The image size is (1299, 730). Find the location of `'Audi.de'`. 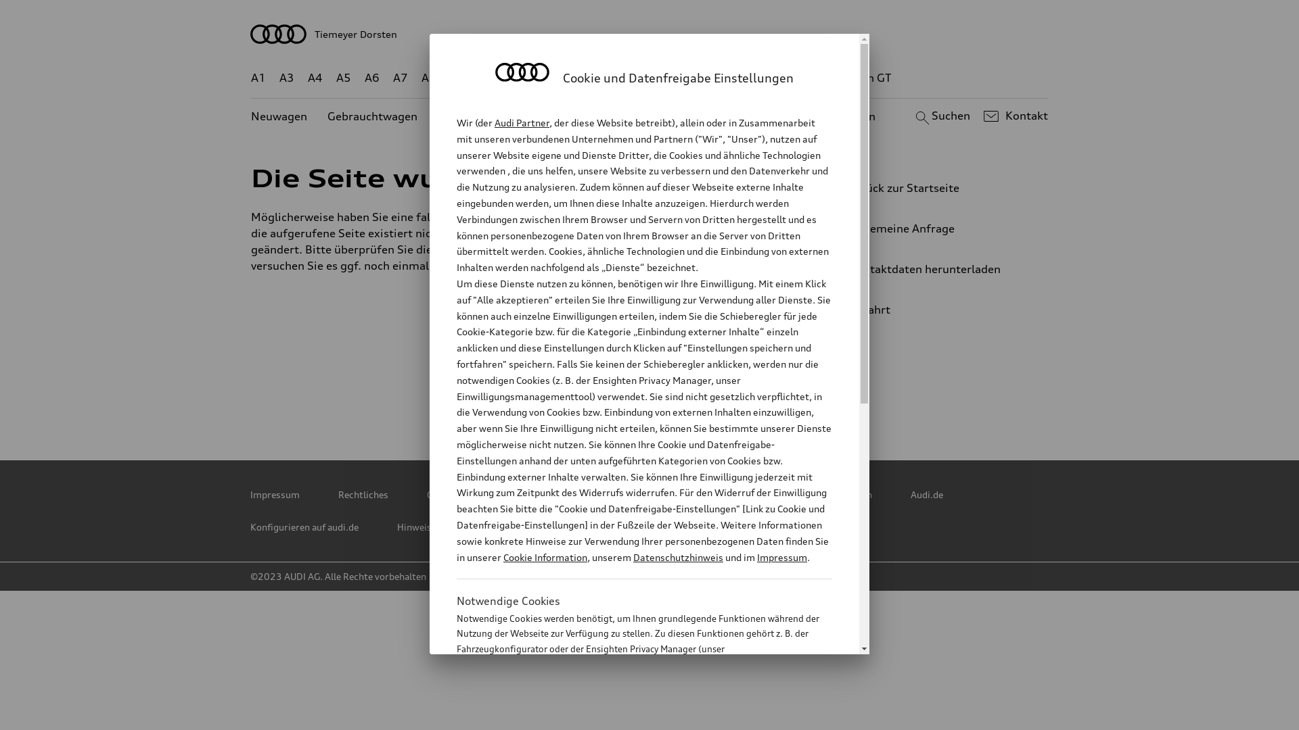

'Audi.de' is located at coordinates (926, 495).